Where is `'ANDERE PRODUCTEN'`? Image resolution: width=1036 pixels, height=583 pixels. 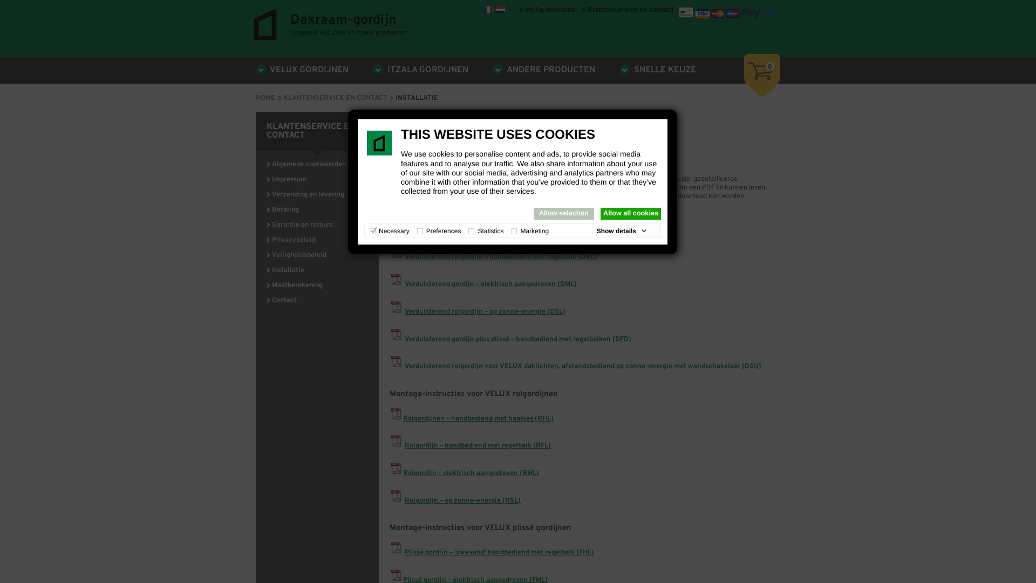
'ANDERE PRODUCTEN' is located at coordinates (544, 70).